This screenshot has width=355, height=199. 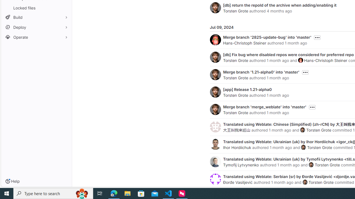 I want to click on 'Toggle commit description', so click(x=312, y=107).